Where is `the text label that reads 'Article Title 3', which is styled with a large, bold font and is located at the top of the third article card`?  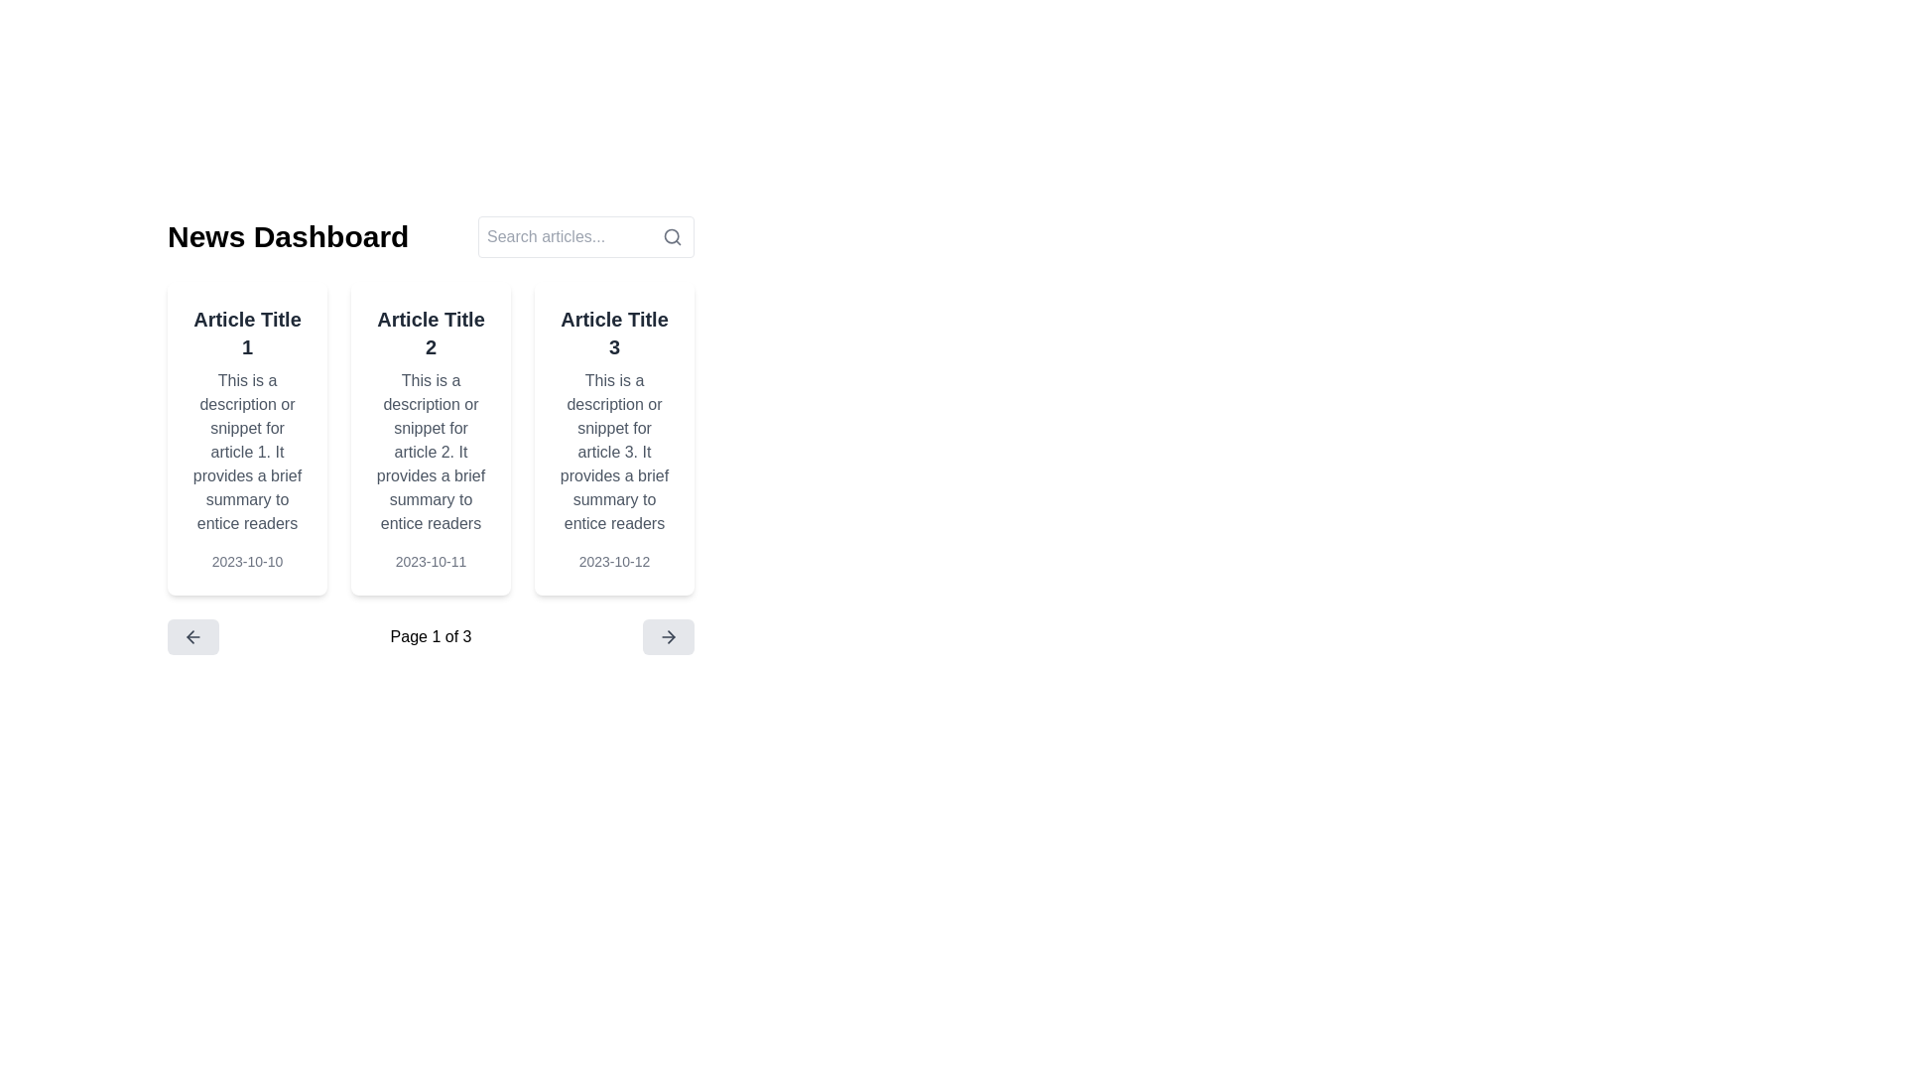
the text label that reads 'Article Title 3', which is styled with a large, bold font and is located at the top of the third article card is located at coordinates (613, 332).